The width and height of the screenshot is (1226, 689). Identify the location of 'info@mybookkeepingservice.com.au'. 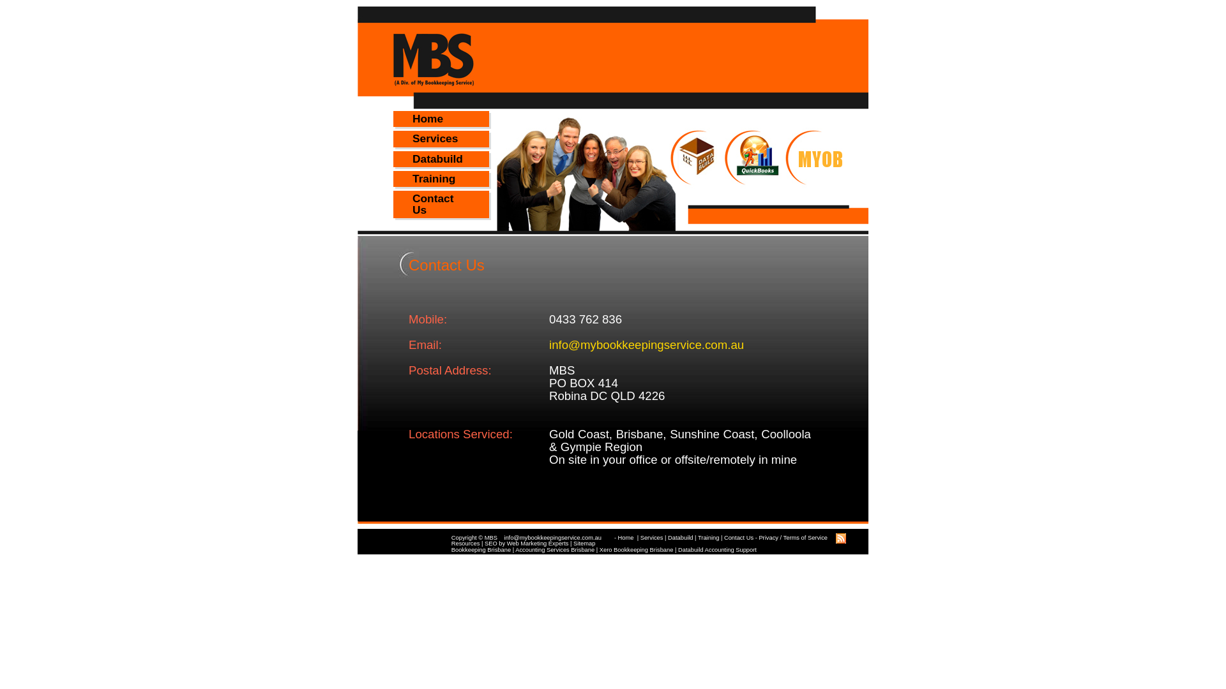
(559, 538).